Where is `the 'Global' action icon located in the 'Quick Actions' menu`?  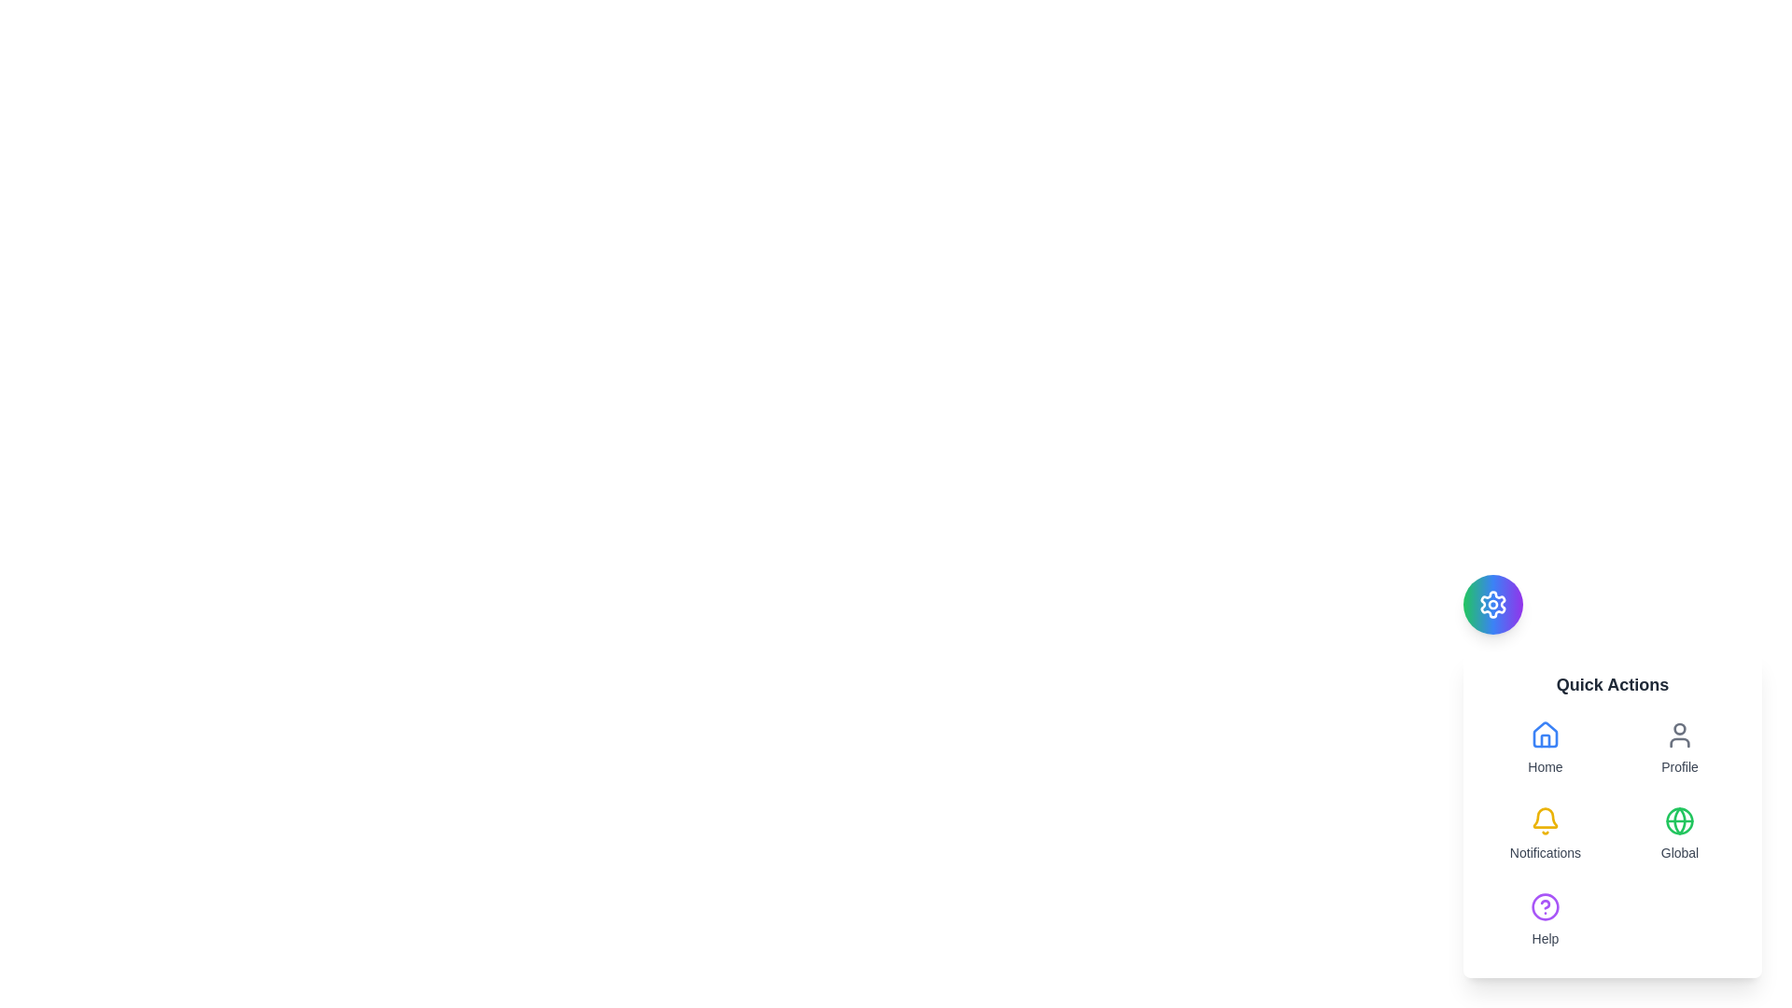
the 'Global' action icon located in the 'Quick Actions' menu is located at coordinates (1680, 819).